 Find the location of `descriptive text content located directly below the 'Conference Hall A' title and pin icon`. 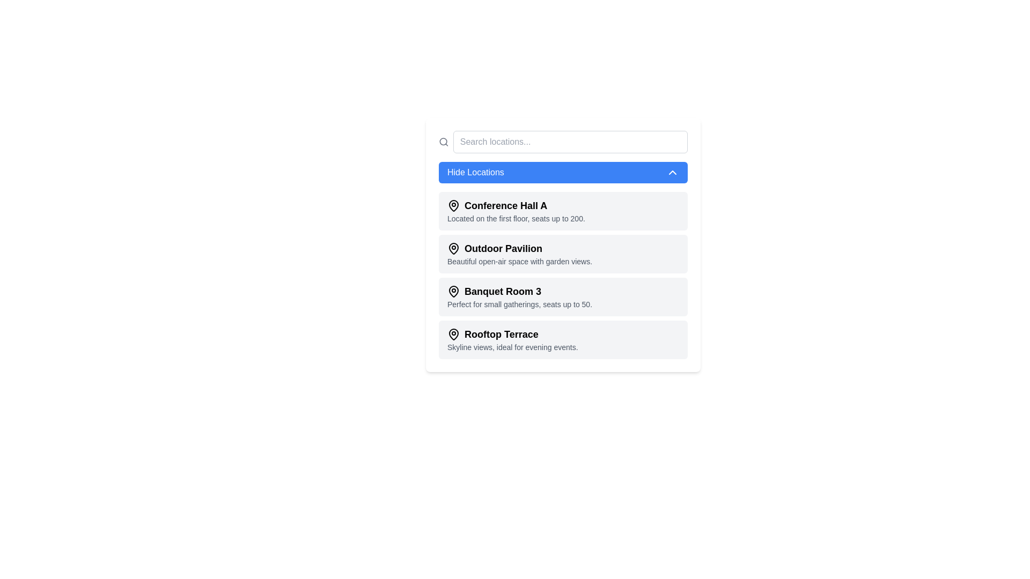

descriptive text content located directly below the 'Conference Hall A' title and pin icon is located at coordinates (516, 218).